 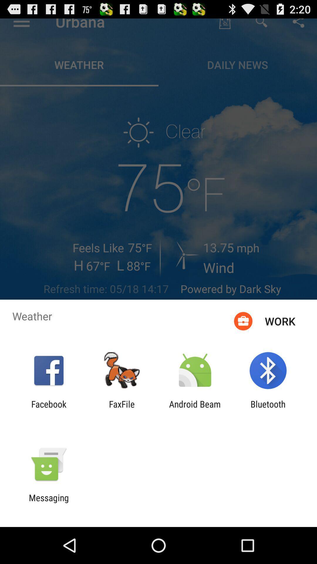 What do you see at coordinates (195, 409) in the screenshot?
I see `item next to the faxfile` at bounding box center [195, 409].